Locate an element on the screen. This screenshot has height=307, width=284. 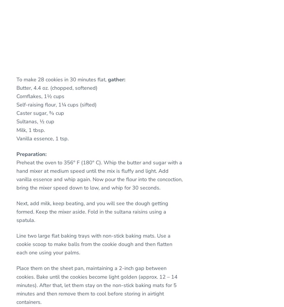
'Sultanas, ½ cup' is located at coordinates (35, 122).